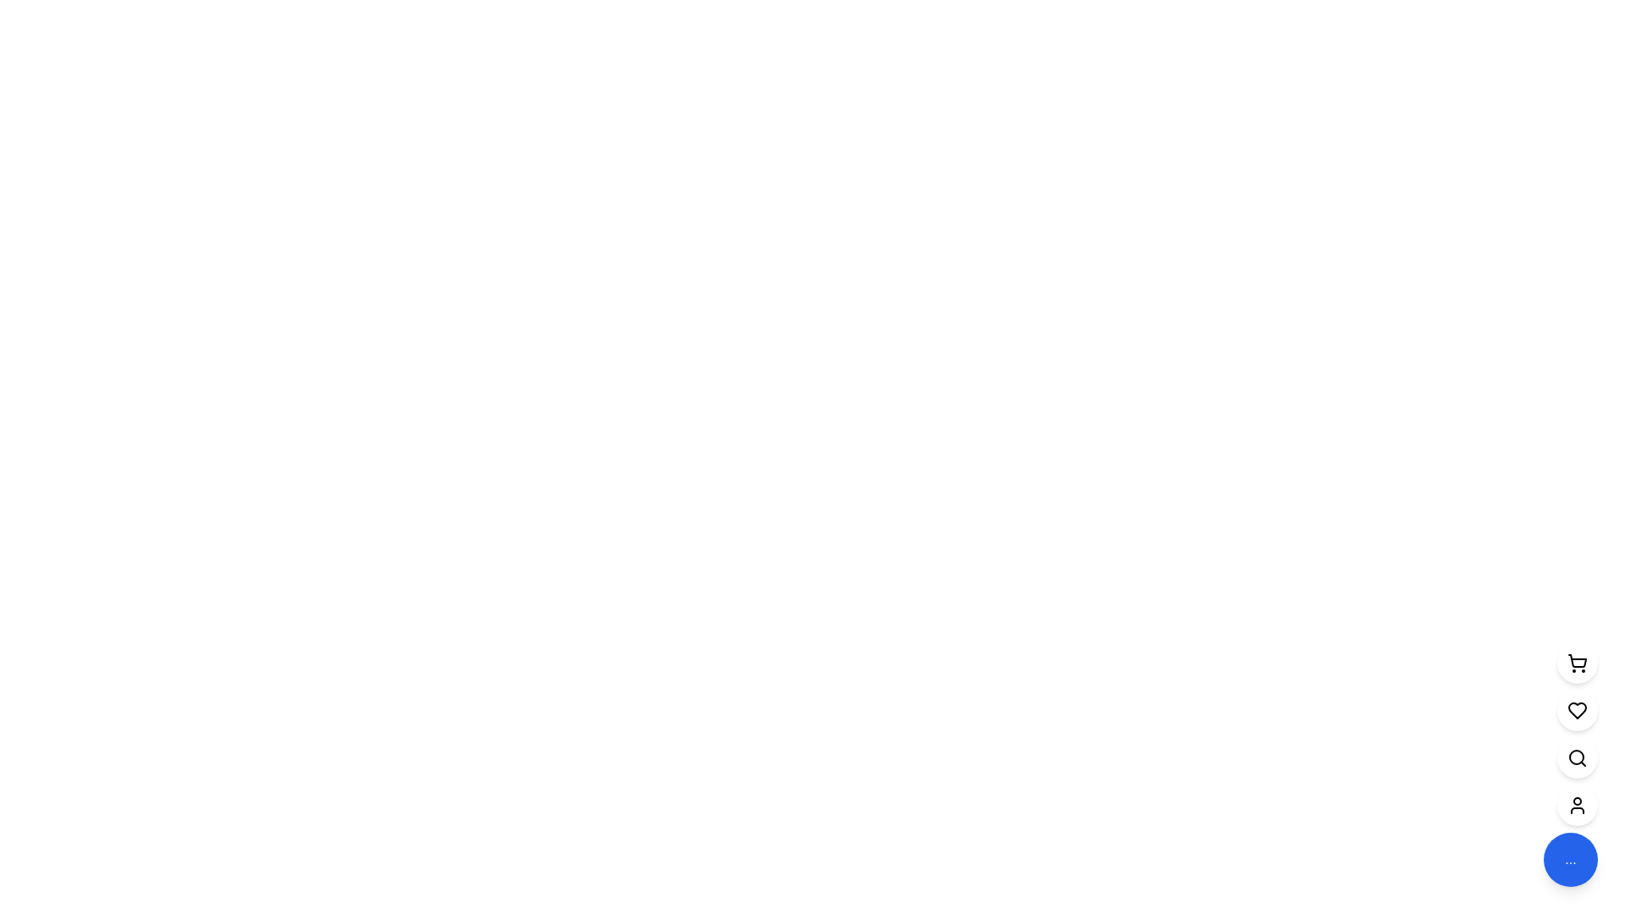  I want to click on the third button in a vertical stack of circular icons located in the bottom-right corner of the interface, so click(1570, 764).